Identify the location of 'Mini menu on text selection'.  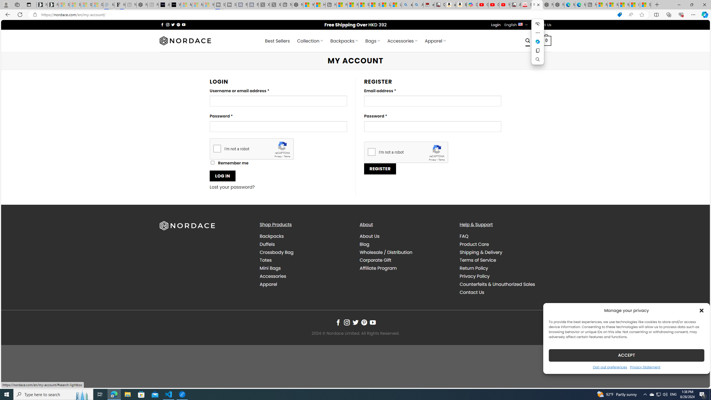
(537, 45).